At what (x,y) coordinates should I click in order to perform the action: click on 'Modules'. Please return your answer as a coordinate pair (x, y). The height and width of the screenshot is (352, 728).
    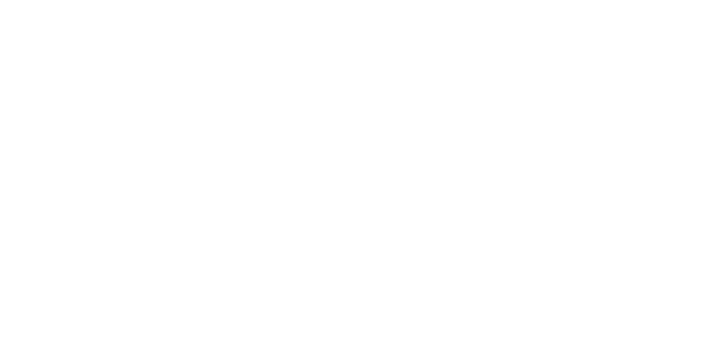
    Looking at the image, I should click on (481, 4).